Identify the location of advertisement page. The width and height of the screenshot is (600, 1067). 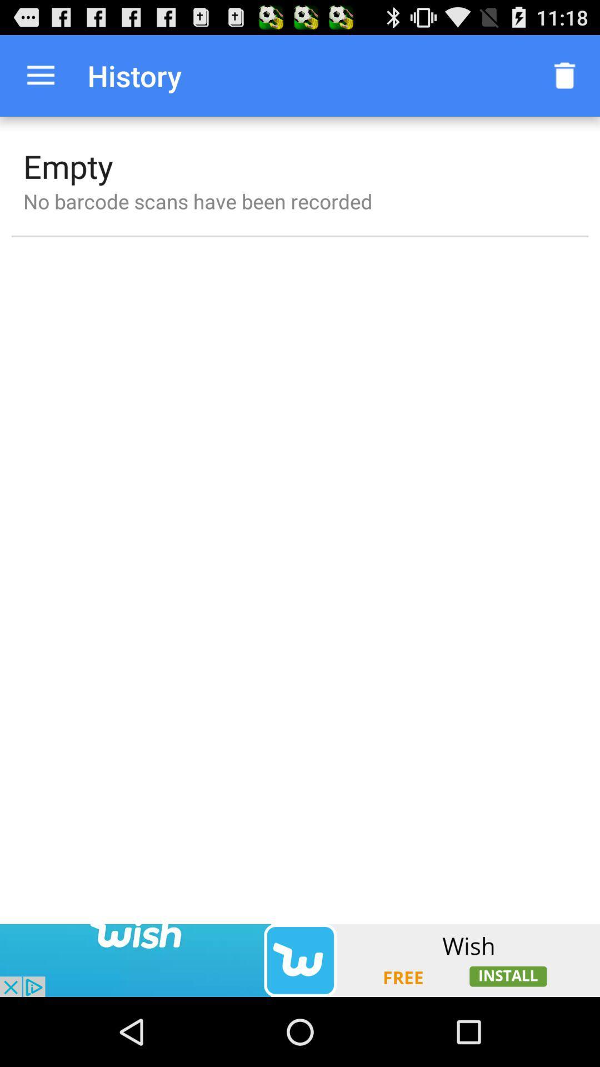
(300, 960).